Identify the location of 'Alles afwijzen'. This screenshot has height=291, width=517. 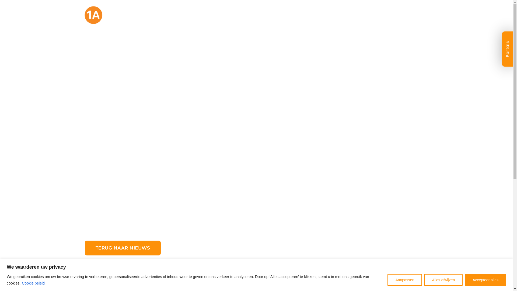
(443, 279).